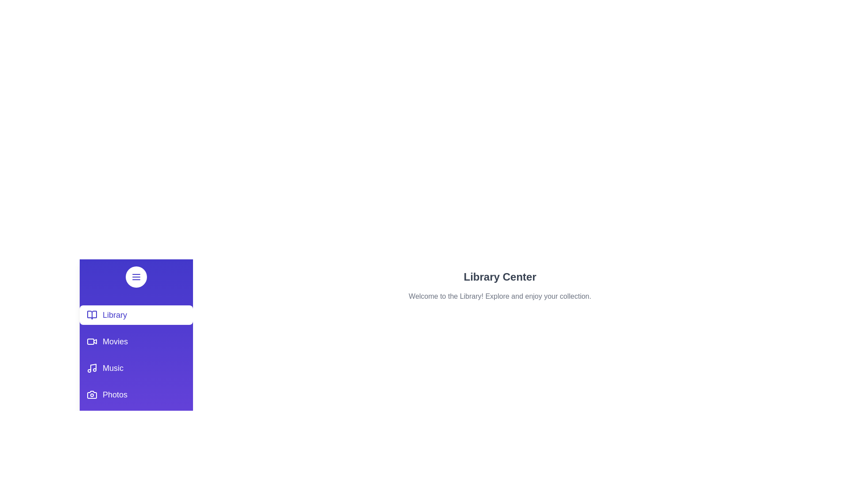 The image size is (850, 478). Describe the element at coordinates (135, 341) in the screenshot. I see `the Movies section by clicking on its corresponding sidebar entry` at that location.